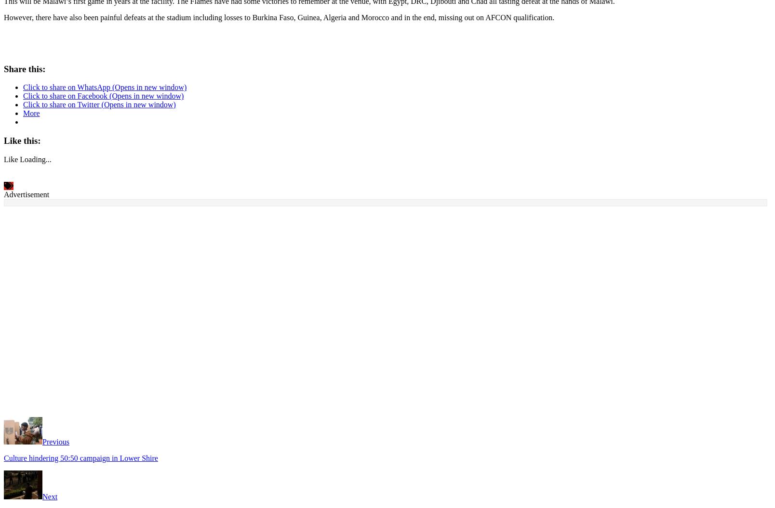 This screenshot has height=508, width=775. I want to click on 'Advertisement', so click(26, 192).